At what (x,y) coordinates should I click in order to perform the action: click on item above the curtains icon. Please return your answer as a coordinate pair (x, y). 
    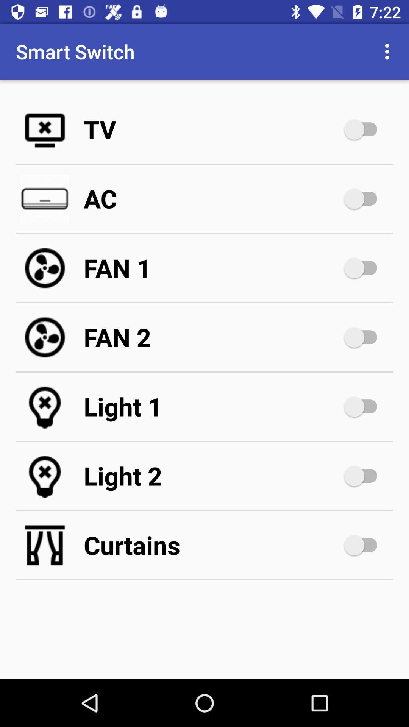
    Looking at the image, I should click on (212, 476).